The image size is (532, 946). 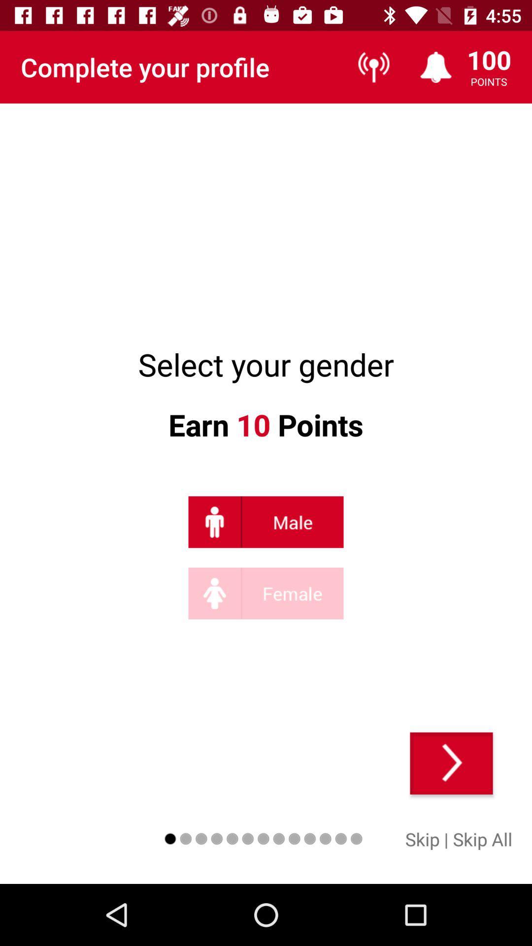 I want to click on eu sou um homem, so click(x=266, y=521).